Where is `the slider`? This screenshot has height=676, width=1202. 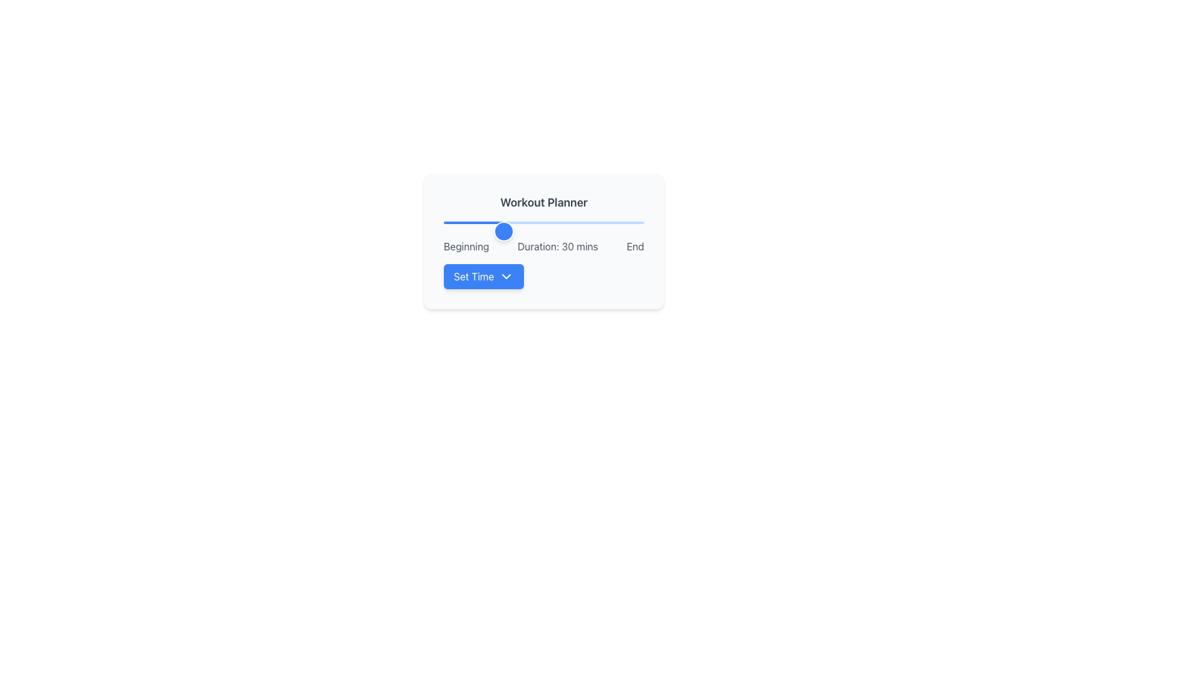
the slider is located at coordinates (632, 221).